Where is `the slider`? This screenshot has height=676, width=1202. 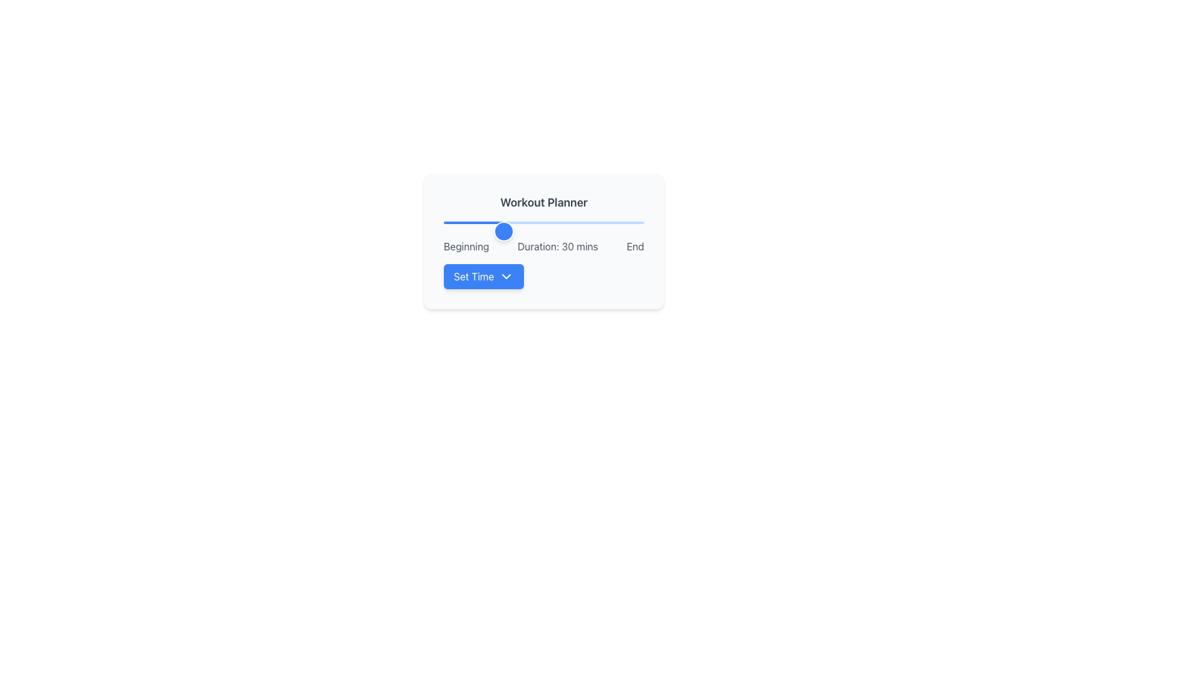
the slider is located at coordinates (632, 221).